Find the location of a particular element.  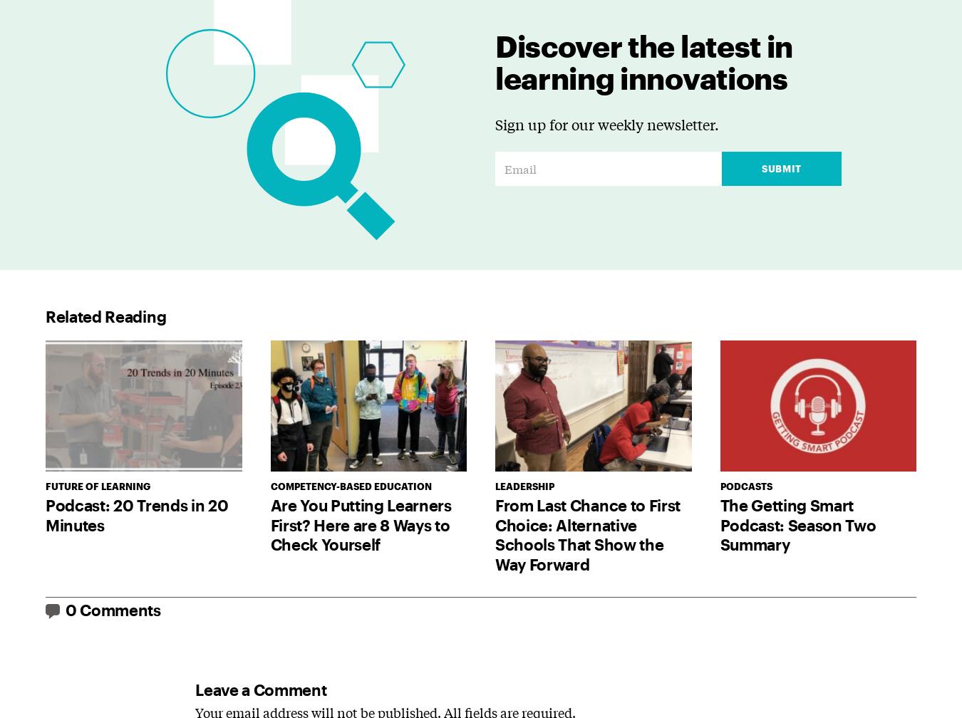

'Leave a Comment' is located at coordinates (260, 688).